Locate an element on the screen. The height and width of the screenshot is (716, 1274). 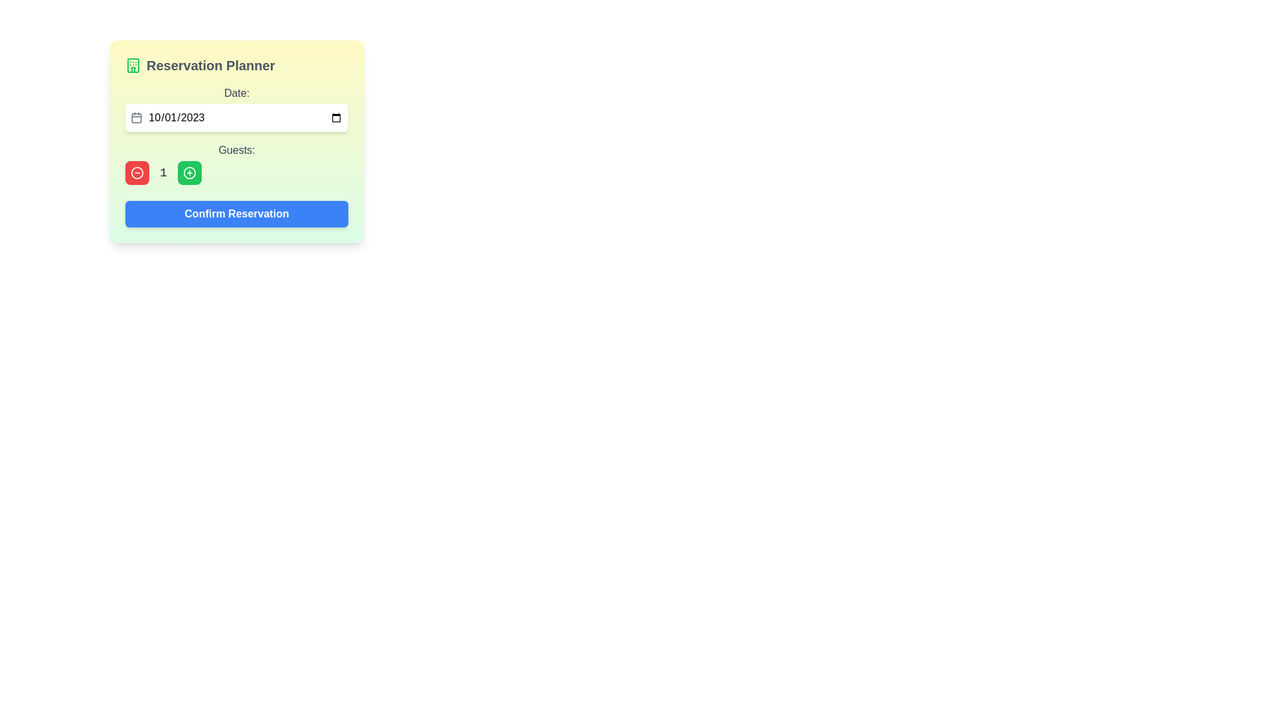
the static text displaying the number '1', which is styled in gray and is located between the red minus button and the green plus button in the 'Reservation Planner' interface is located at coordinates (163, 172).